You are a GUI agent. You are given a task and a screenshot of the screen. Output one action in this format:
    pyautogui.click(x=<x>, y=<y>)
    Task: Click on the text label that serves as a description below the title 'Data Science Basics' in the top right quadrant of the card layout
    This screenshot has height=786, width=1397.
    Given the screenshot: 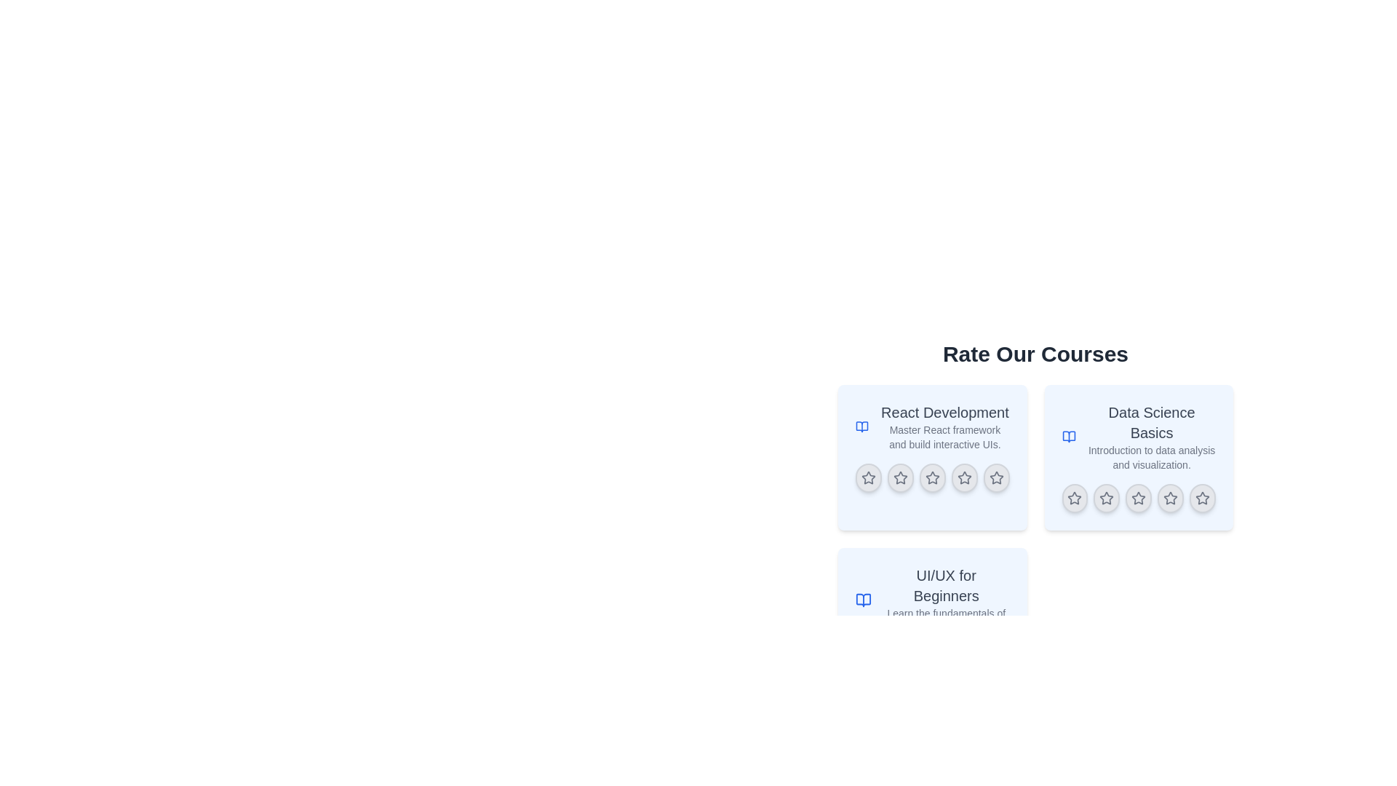 What is the action you would take?
    pyautogui.click(x=1151, y=456)
    